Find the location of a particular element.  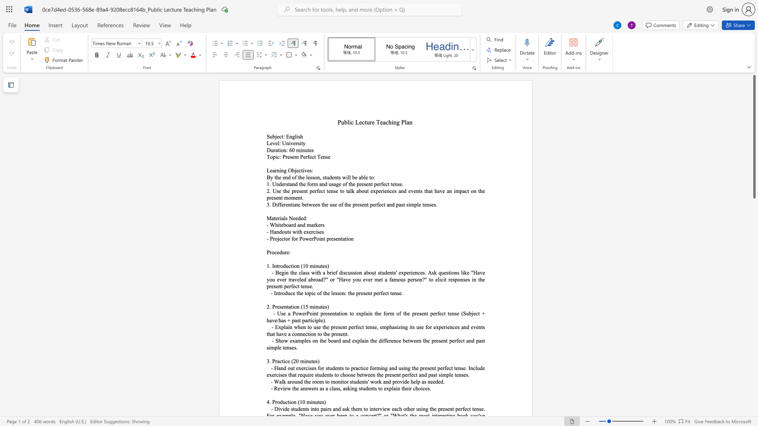

the space between the continuous character "o" and "o" in the text is located at coordinates (347, 374).